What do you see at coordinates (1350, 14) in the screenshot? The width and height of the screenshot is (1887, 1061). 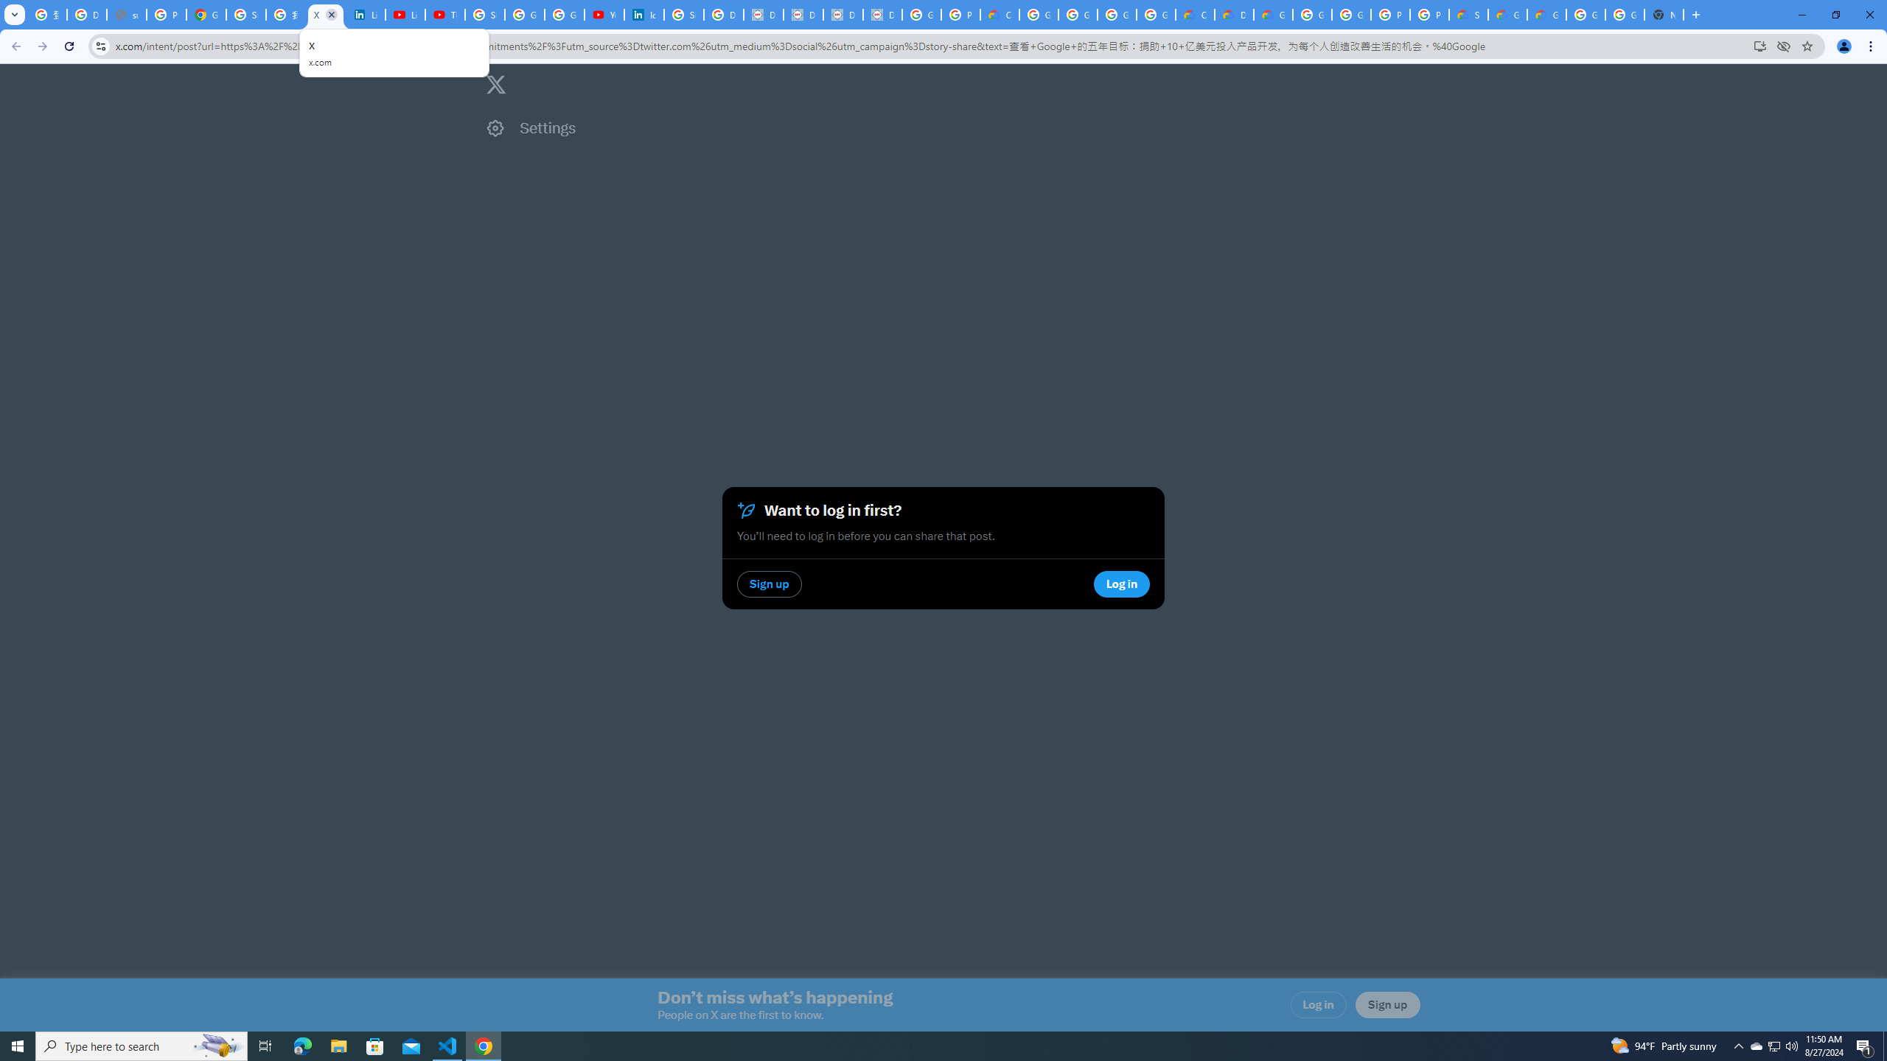 I see `'Google Cloud Platform'` at bounding box center [1350, 14].